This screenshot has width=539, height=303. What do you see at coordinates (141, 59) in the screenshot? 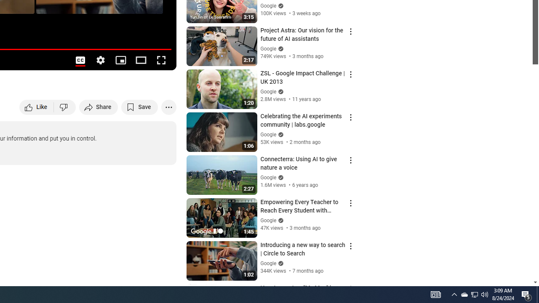
I see `'Theater mode (t)'` at bounding box center [141, 59].